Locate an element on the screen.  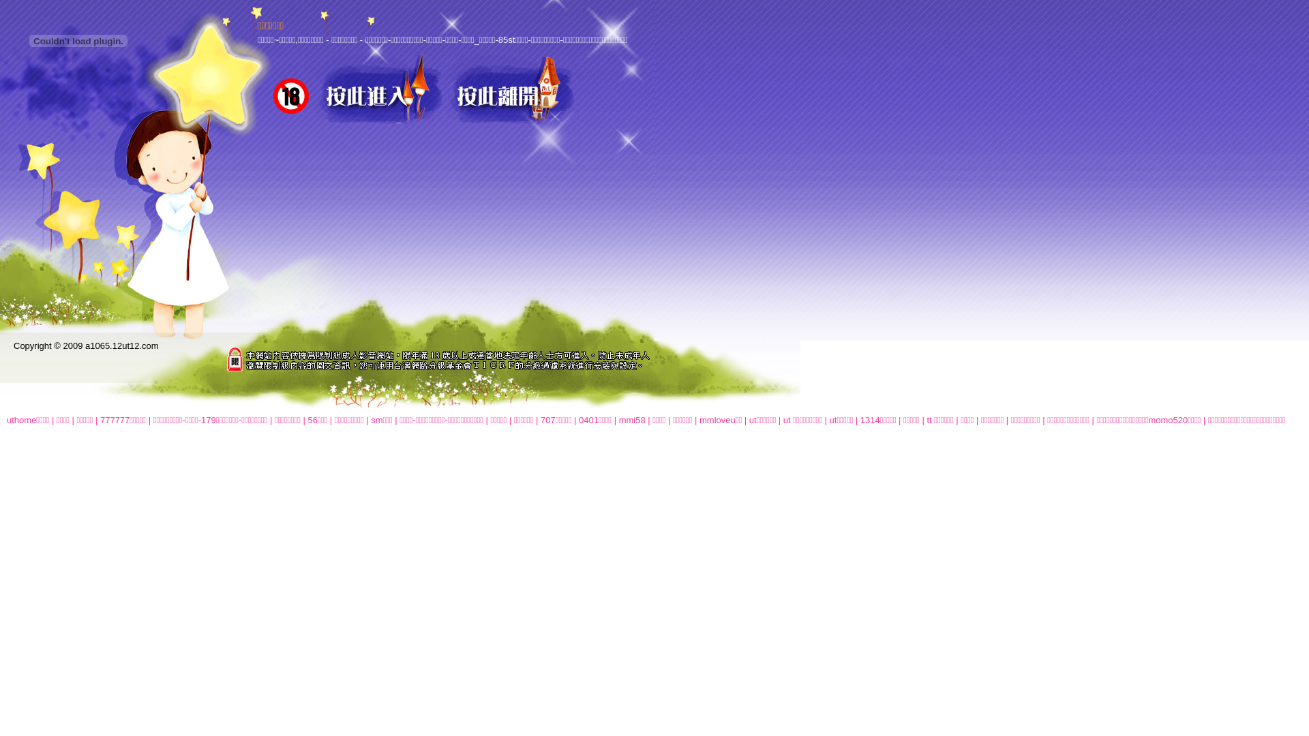
'mmi58' is located at coordinates (631, 419).